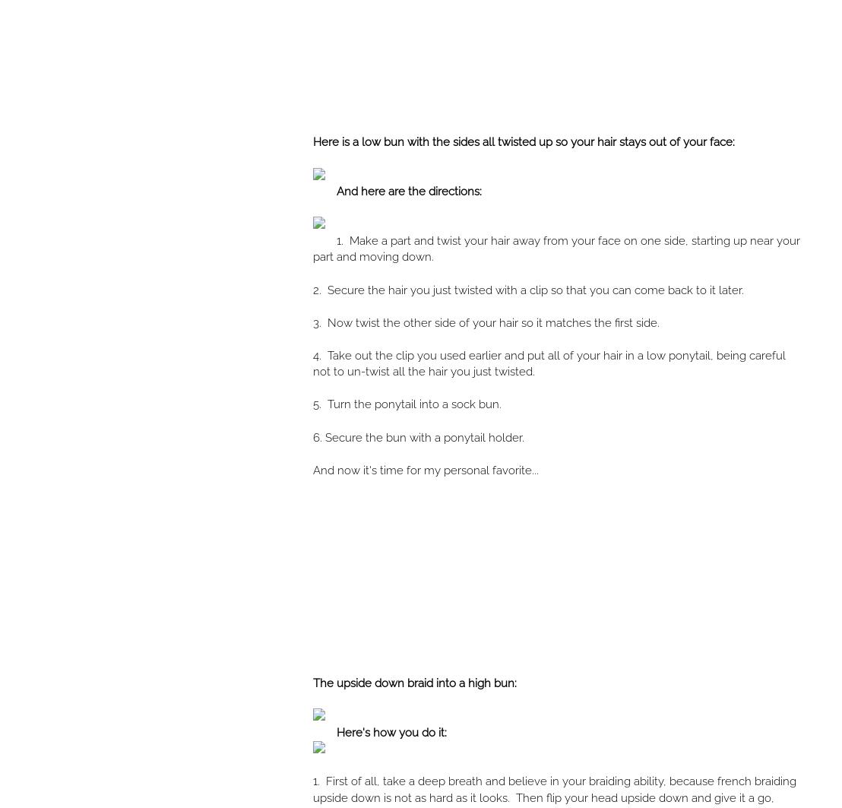  What do you see at coordinates (485, 322) in the screenshot?
I see `'3.  Now twist the other side of your hair so it matches the first side.'` at bounding box center [485, 322].